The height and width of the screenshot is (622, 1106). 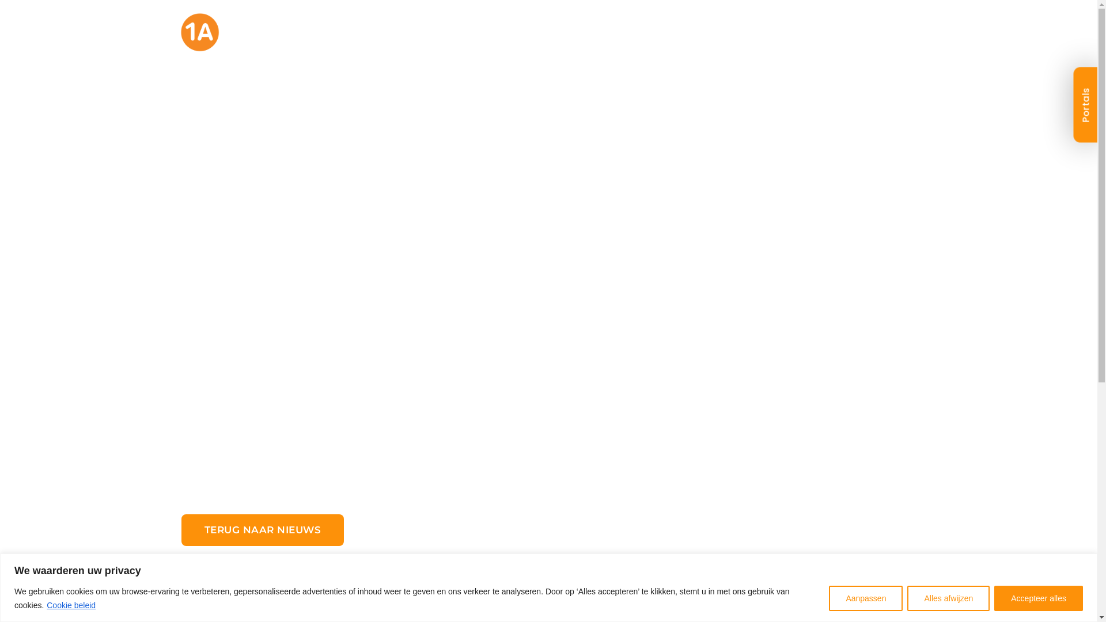 I want to click on 'Accepteer alles', so click(x=994, y=597).